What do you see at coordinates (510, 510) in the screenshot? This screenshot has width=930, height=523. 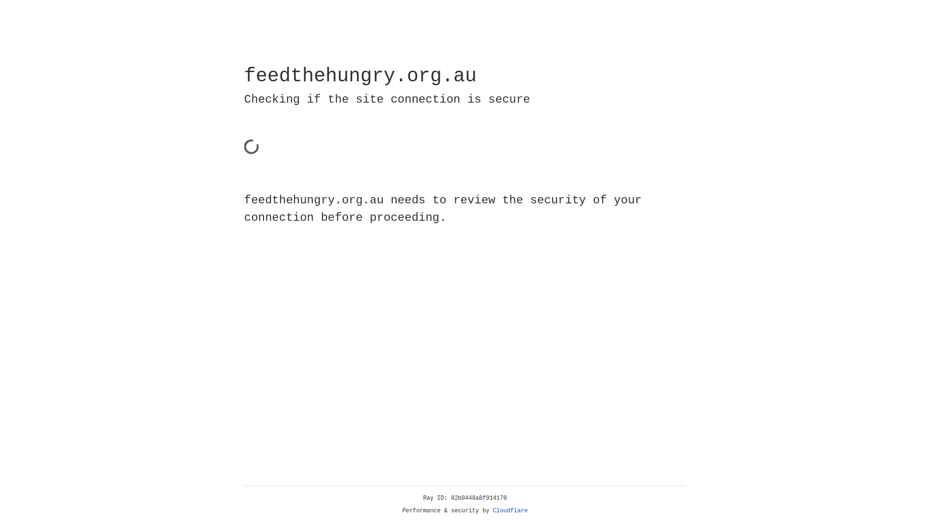 I see `'Cloudflare'` at bounding box center [510, 510].